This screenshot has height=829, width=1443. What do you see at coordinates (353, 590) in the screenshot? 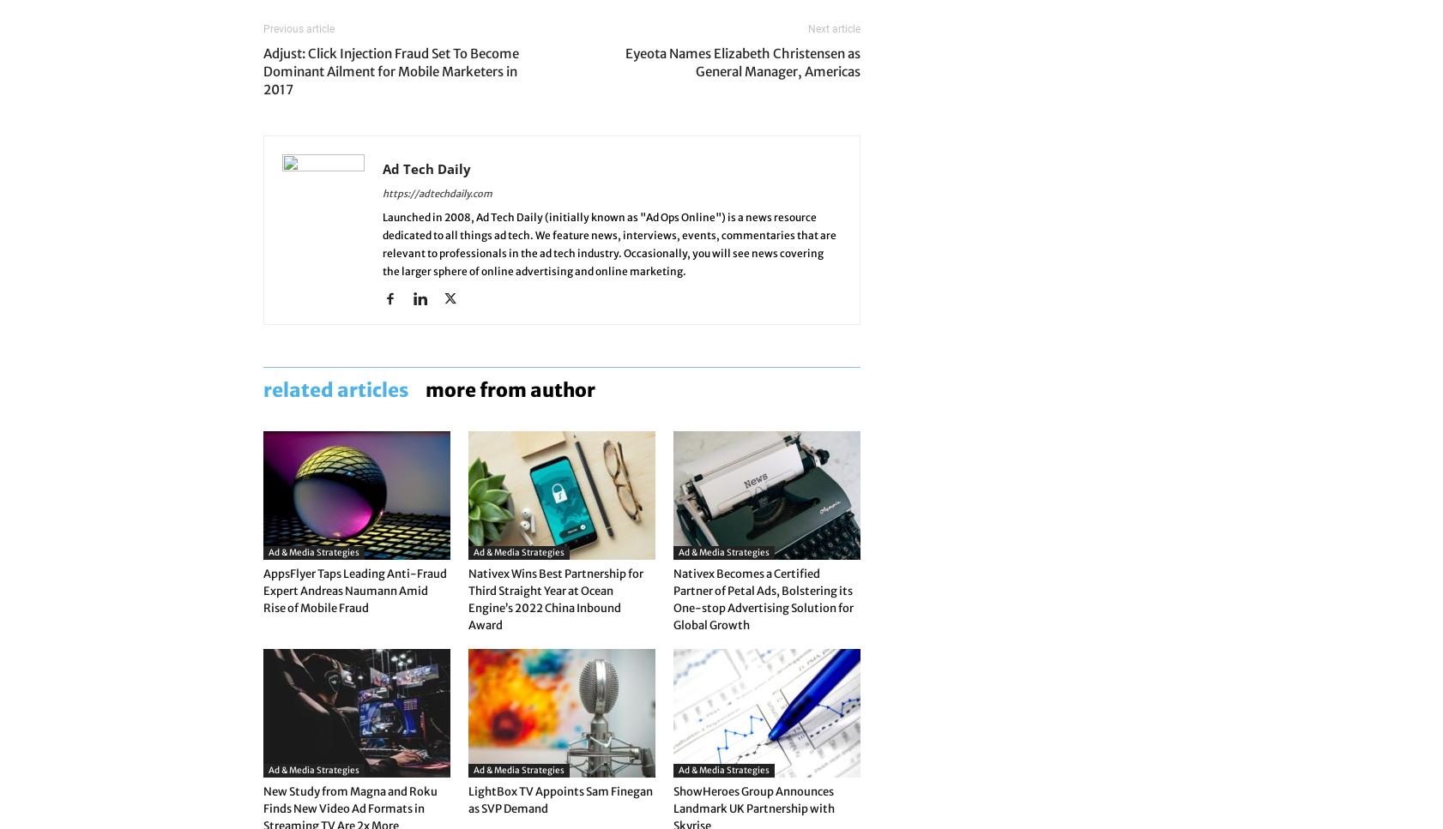
I see `'AppsFlyer Taps Leading Anti-Fraud Expert Andreas Naumann Amid Rise of Mobile Fraud'` at bounding box center [353, 590].